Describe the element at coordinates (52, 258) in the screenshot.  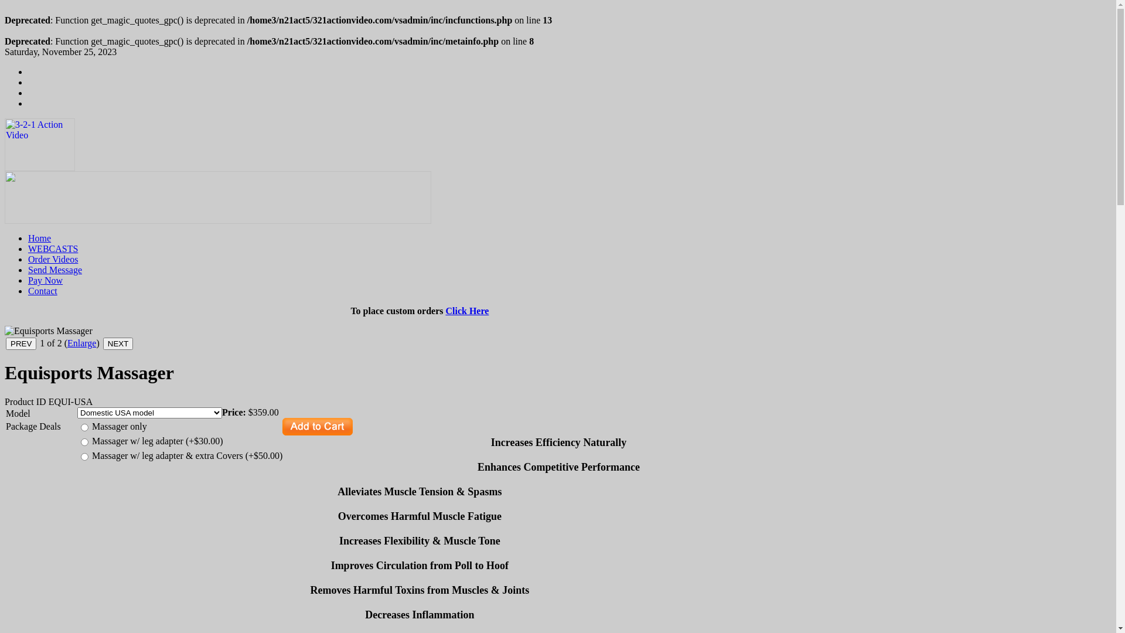
I see `'Order Videos'` at that location.